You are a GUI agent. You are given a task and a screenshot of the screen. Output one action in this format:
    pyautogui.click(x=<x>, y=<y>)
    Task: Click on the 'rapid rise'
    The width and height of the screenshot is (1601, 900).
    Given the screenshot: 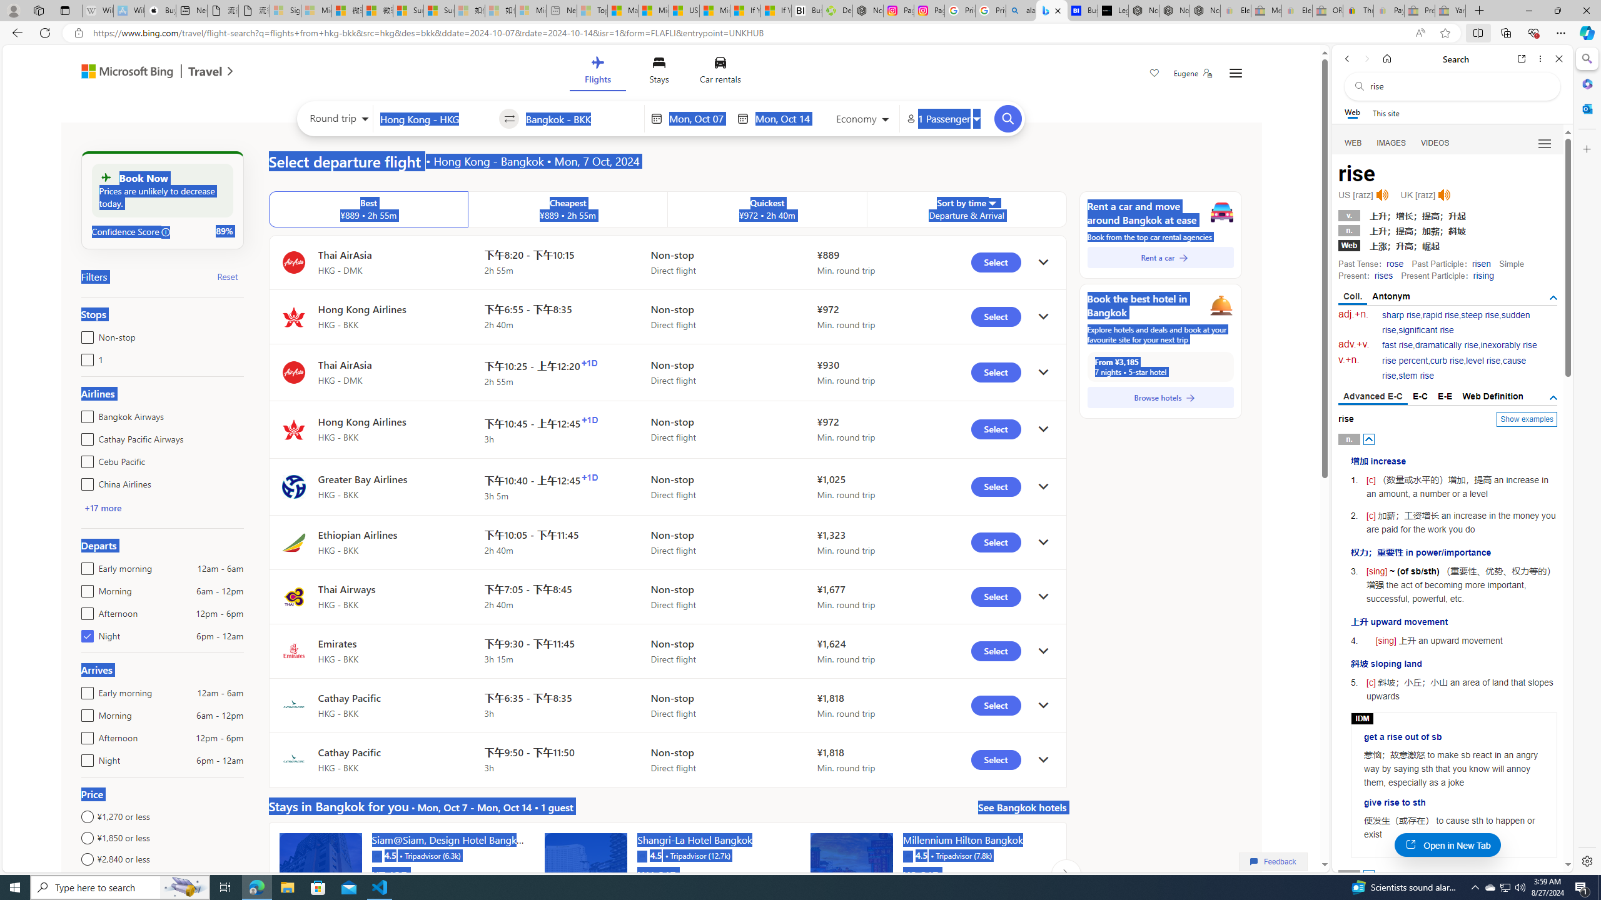 What is the action you would take?
    pyautogui.click(x=1440, y=314)
    